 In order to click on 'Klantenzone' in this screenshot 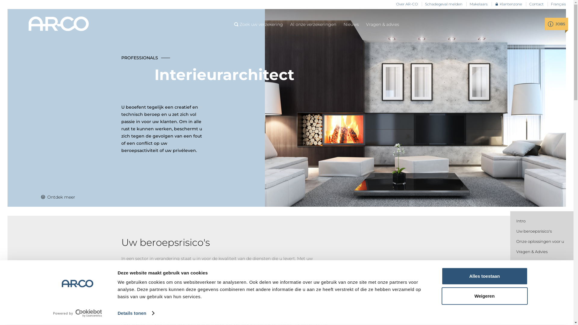, I will do `click(508, 4)`.